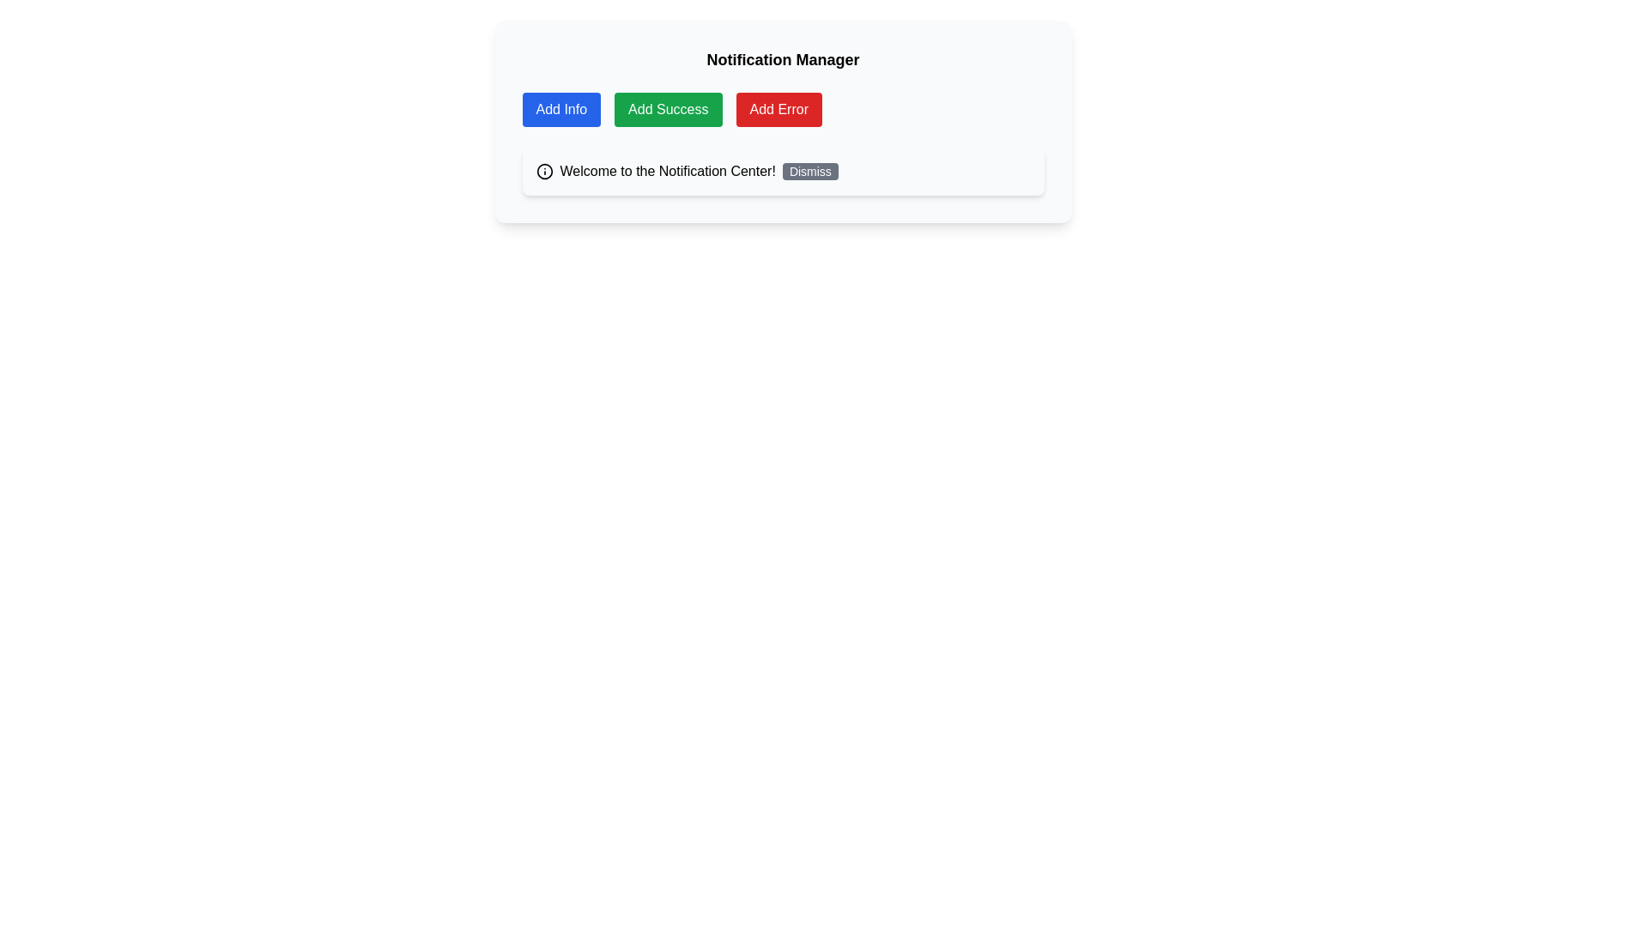 Image resolution: width=1648 pixels, height=927 pixels. I want to click on the 'Add Info' button located at the top left corner of the button group to initiate its action, so click(561, 109).